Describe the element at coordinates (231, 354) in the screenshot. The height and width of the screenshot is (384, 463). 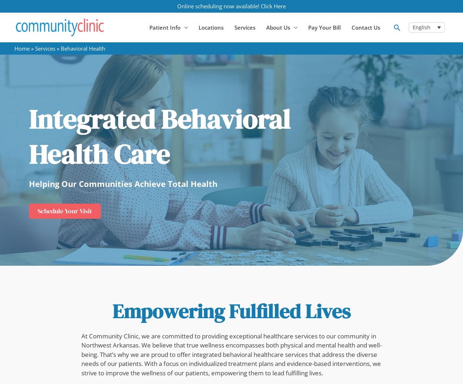
I see `'At Community Clinic, we are committed to providing exceptional healthcare services to our community in Northwest Arkansas. We believe that true wellness encompasses both physical and mental health and well-being. That’s why we are proud to offer integrated behavioral healthcare services that address the diverse needs of our patients. With a focus on individualized treatment plans and evidence-based interventions, we strive to improve the wellness of our patients, empowering them to lead fulfilling lives.'` at that location.